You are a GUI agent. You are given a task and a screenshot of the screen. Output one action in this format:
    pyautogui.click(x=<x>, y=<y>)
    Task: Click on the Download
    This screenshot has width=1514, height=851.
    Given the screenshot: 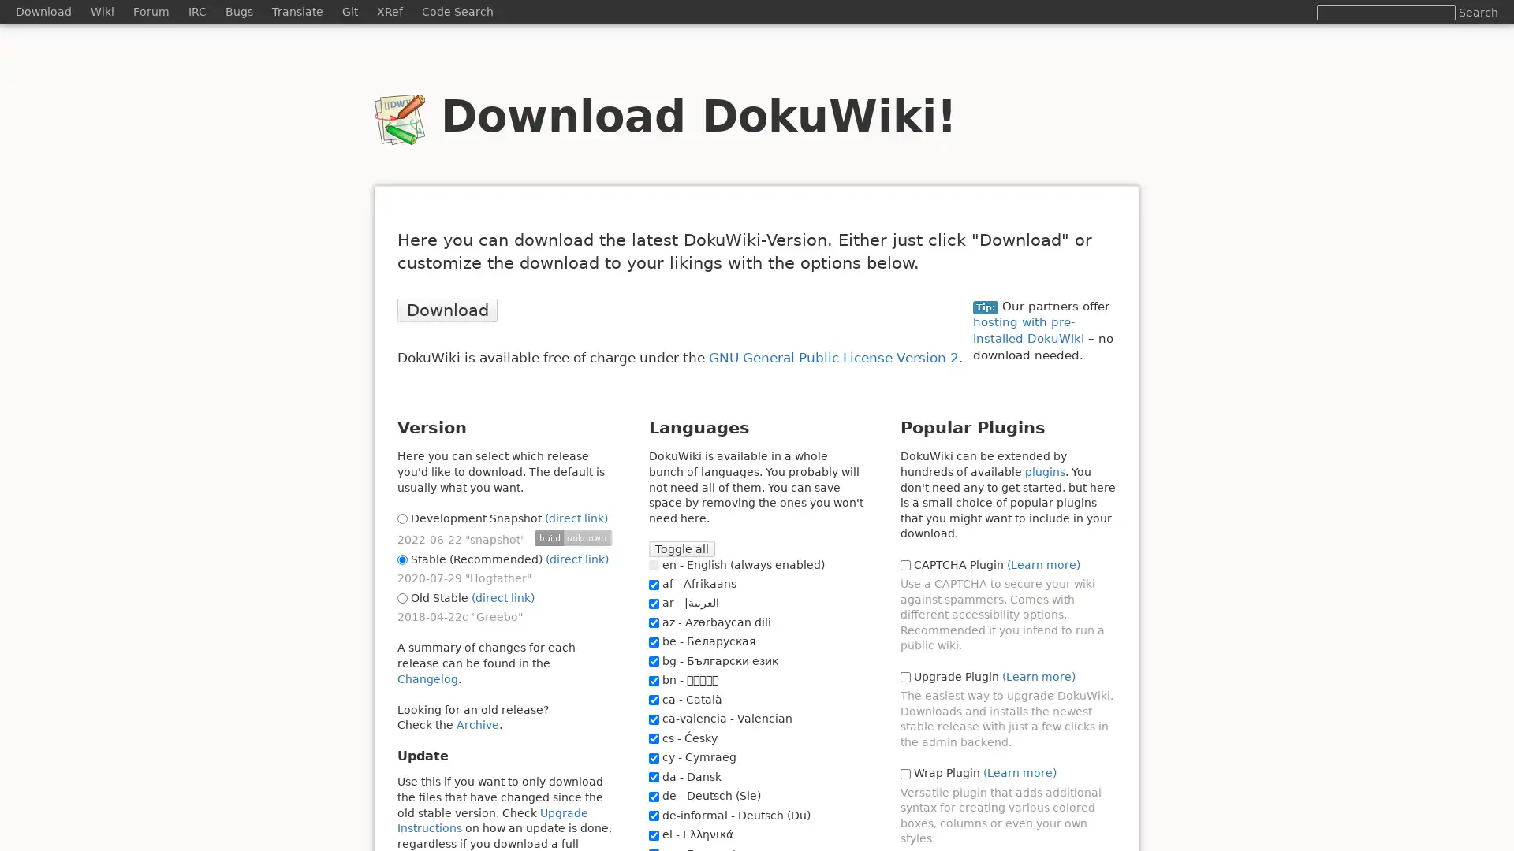 What is the action you would take?
    pyautogui.click(x=446, y=310)
    